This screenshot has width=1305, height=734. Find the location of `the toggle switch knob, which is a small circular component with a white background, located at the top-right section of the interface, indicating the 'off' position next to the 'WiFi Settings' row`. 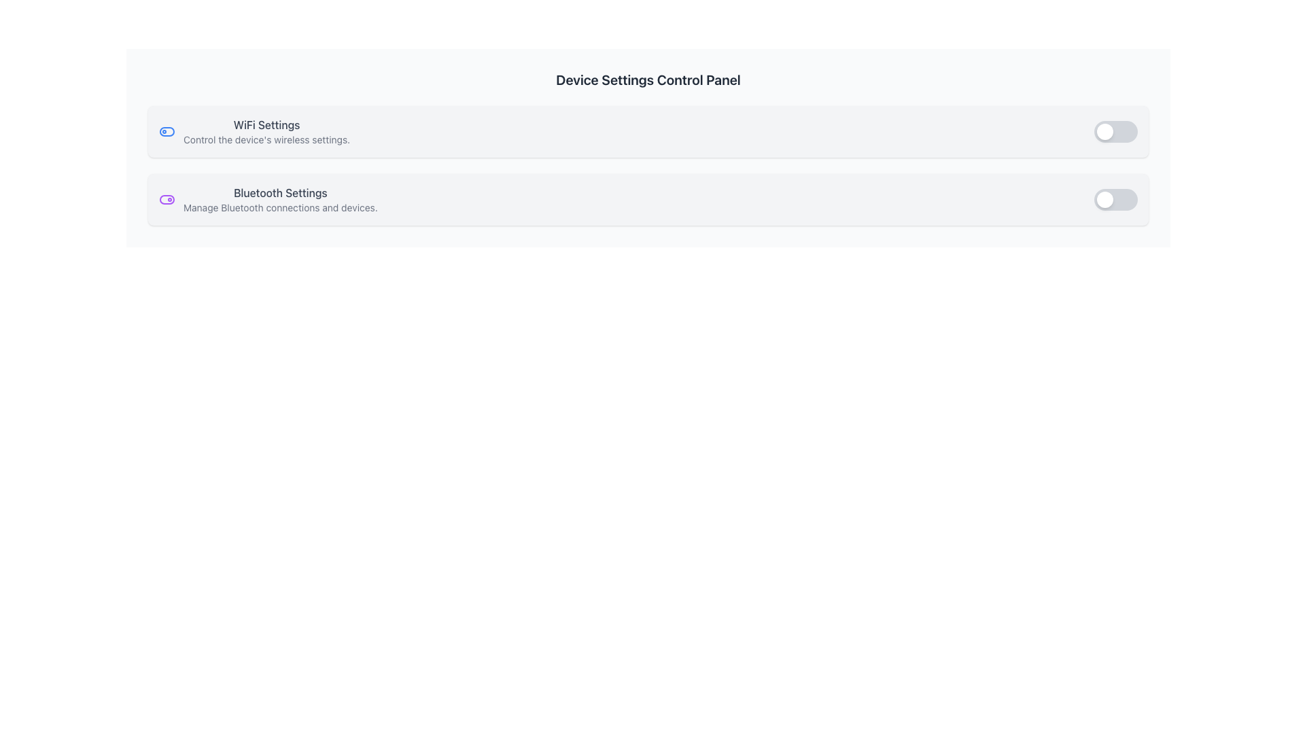

the toggle switch knob, which is a small circular component with a white background, located at the top-right section of the interface, indicating the 'off' position next to the 'WiFi Settings' row is located at coordinates (1105, 131).